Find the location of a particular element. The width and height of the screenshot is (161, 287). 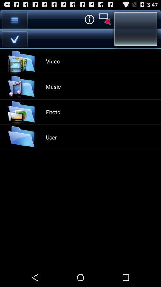

the info icon is located at coordinates (89, 20).